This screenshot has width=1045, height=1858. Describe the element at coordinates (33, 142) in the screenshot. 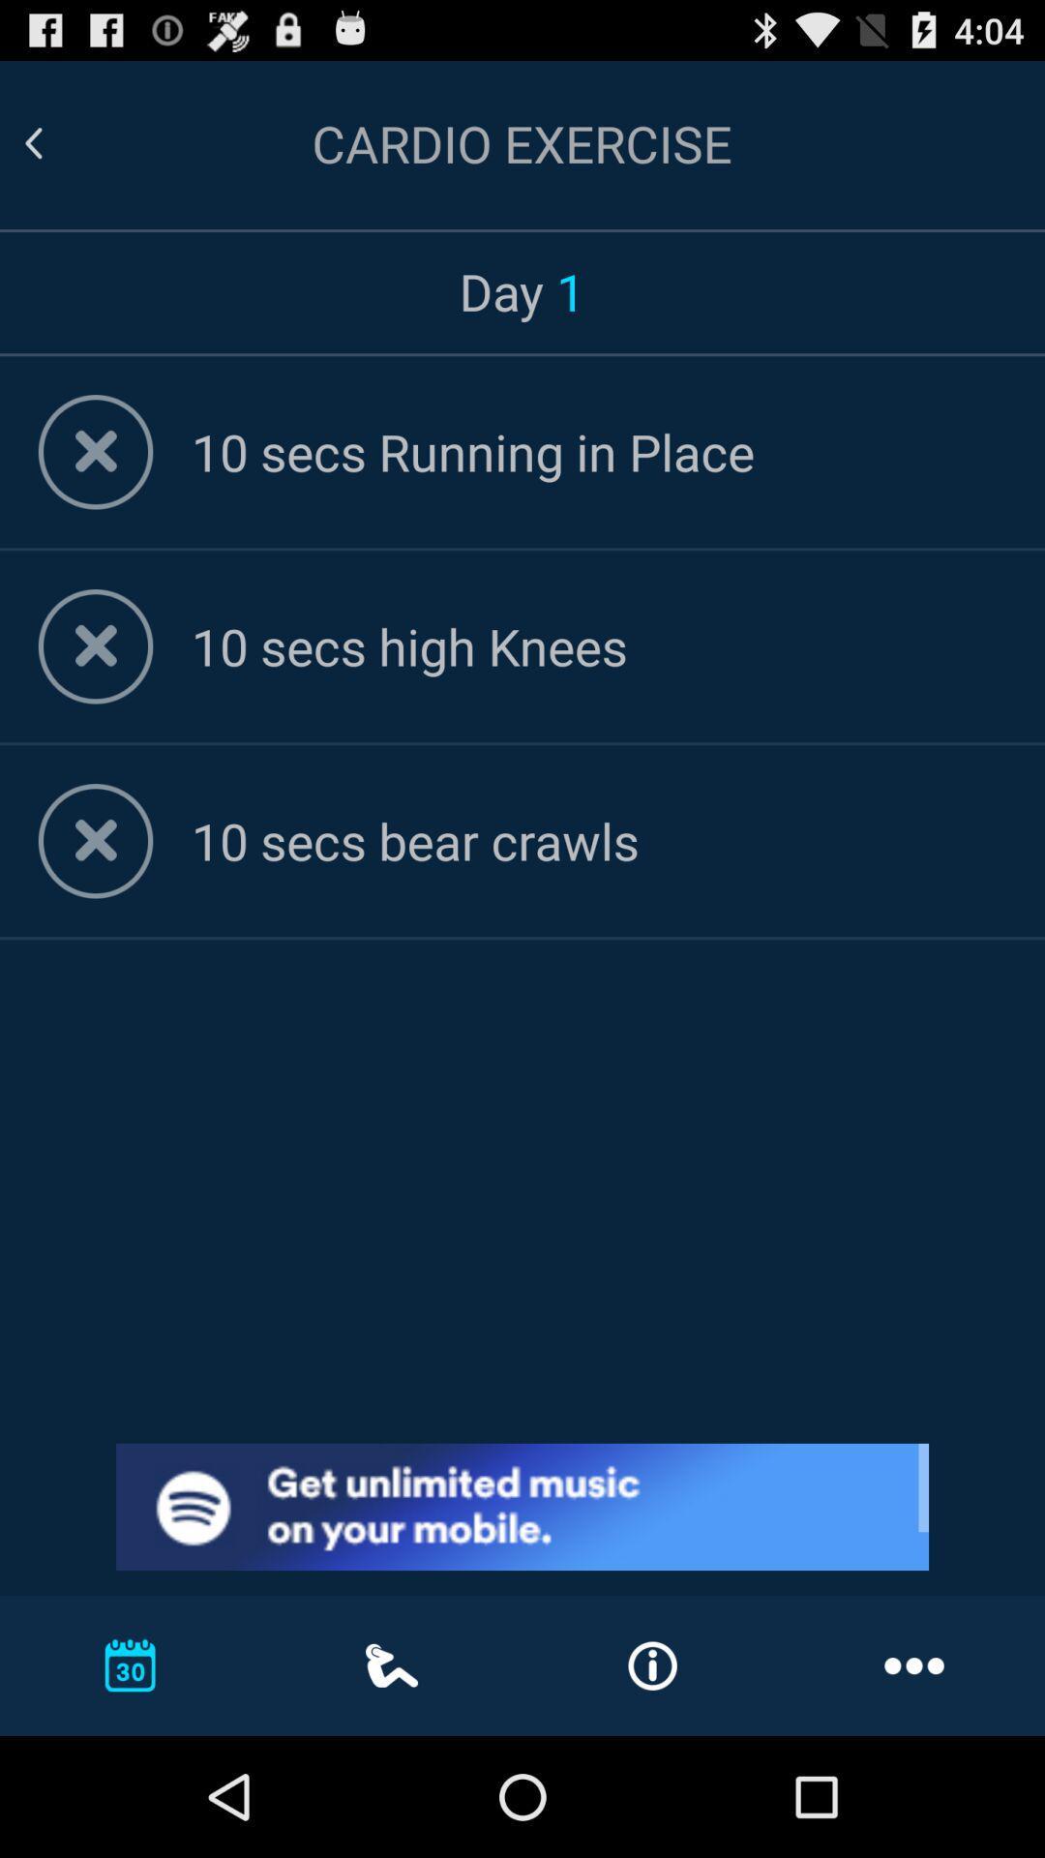

I see `back button which is at top left side of the screen` at that location.